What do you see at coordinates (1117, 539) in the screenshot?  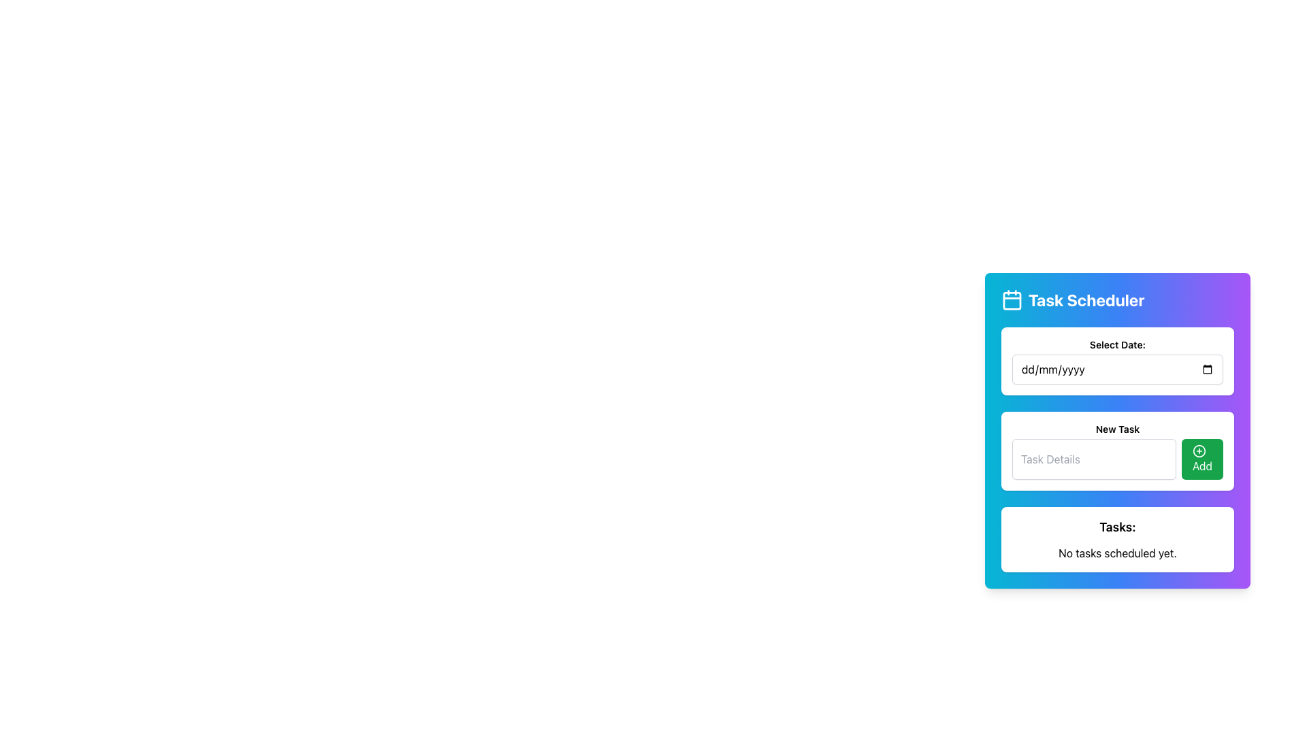 I see `the informational panel that displays the current status of tasks, indicating there are no tasks scheduled, located at the bottom of the task scheduler interface` at bounding box center [1117, 539].